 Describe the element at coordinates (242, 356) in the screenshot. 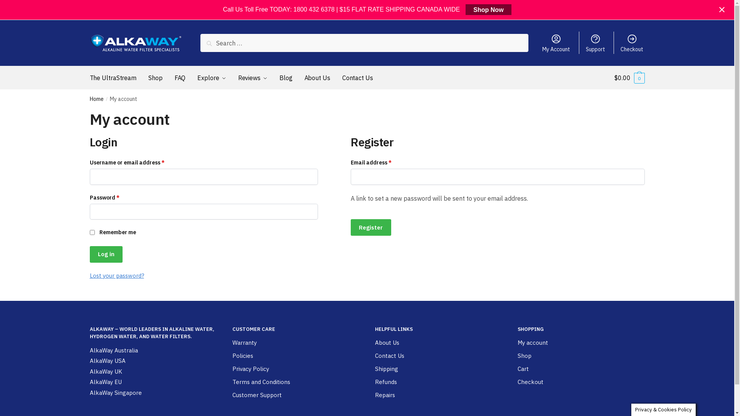

I see `'Policies'` at that location.